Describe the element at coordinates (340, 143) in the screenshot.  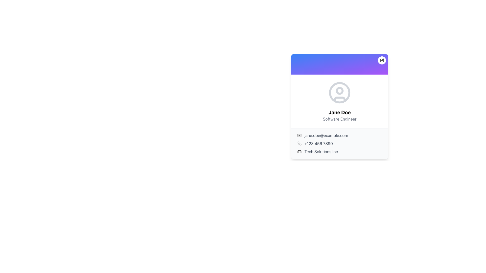
I see `the contact information section, which includes email, phone number, and company name, and is located at the bottom of a card-like layout` at that location.